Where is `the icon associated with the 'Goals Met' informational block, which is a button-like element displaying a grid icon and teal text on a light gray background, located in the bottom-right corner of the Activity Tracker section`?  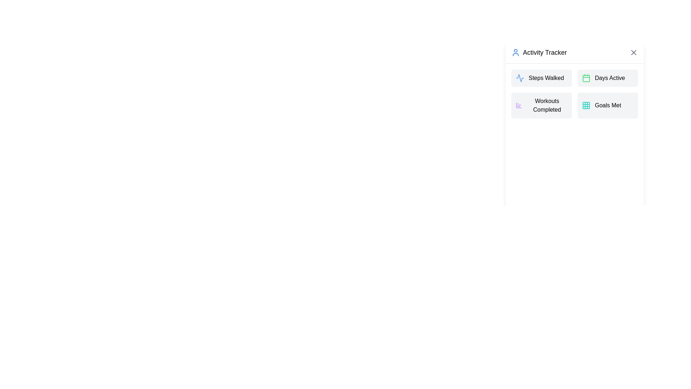
the icon associated with the 'Goals Met' informational block, which is a button-like element displaying a grid icon and teal text on a light gray background, located in the bottom-right corner of the Activity Tracker section is located at coordinates (608, 106).